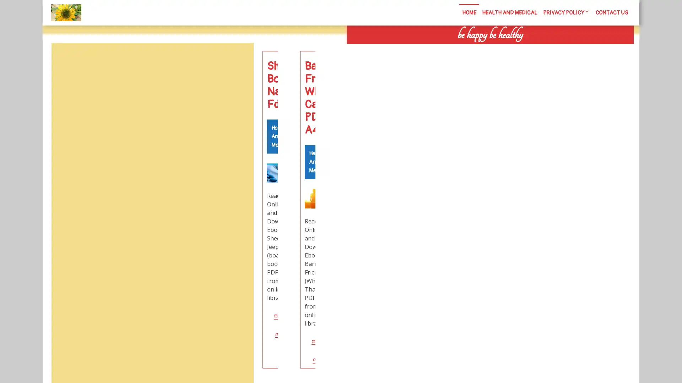 The width and height of the screenshot is (682, 383). What do you see at coordinates (553, 50) in the screenshot?
I see `Search` at bounding box center [553, 50].